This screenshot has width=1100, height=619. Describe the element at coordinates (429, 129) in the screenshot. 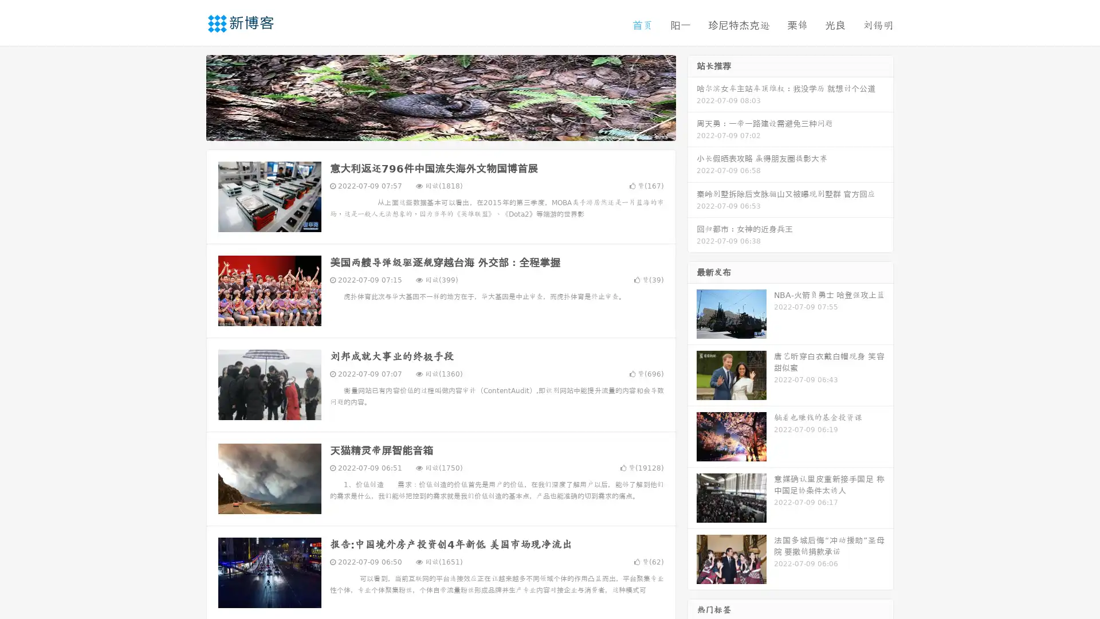

I see `Go to slide 1` at that location.